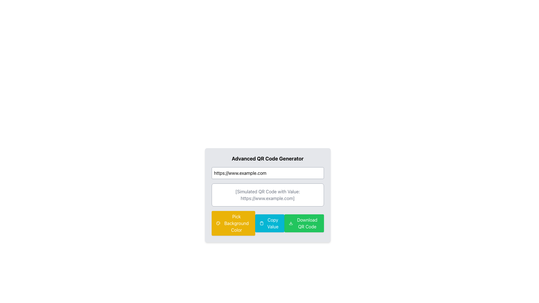  Describe the element at coordinates (291, 223) in the screenshot. I see `the download icon, which is an SVG element inside the green button labeled 'Download QR Code', located in the bottom right area of the button group below the QR display` at that location.